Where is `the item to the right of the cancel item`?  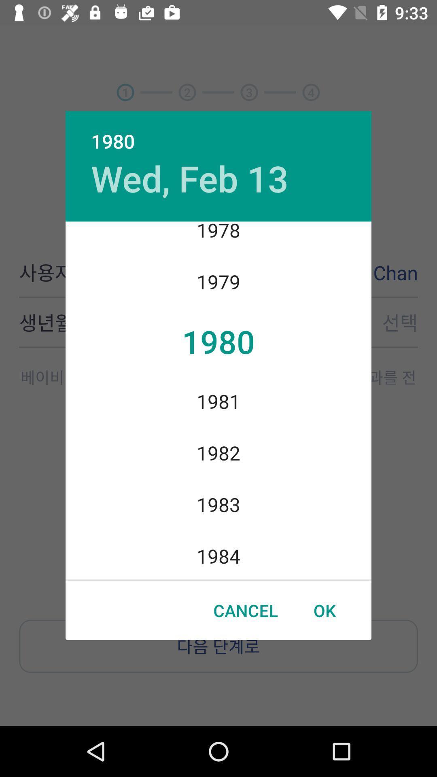 the item to the right of the cancel item is located at coordinates (324, 610).